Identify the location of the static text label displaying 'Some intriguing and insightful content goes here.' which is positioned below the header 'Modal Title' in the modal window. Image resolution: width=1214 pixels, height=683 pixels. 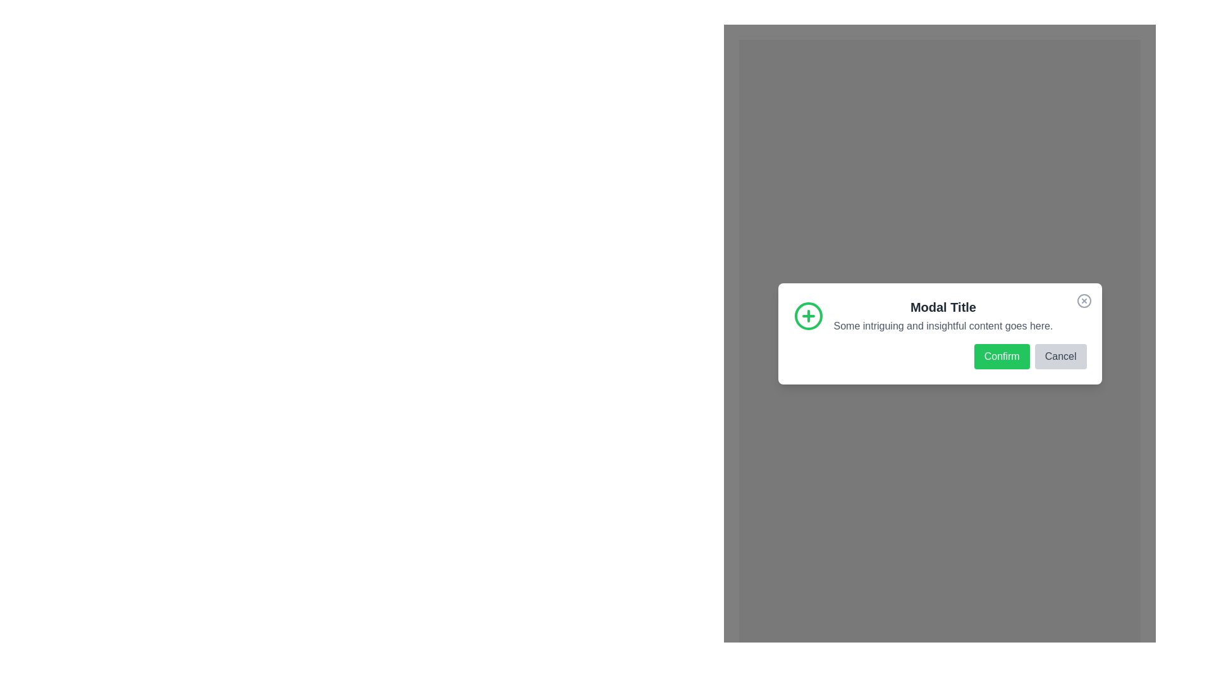
(943, 325).